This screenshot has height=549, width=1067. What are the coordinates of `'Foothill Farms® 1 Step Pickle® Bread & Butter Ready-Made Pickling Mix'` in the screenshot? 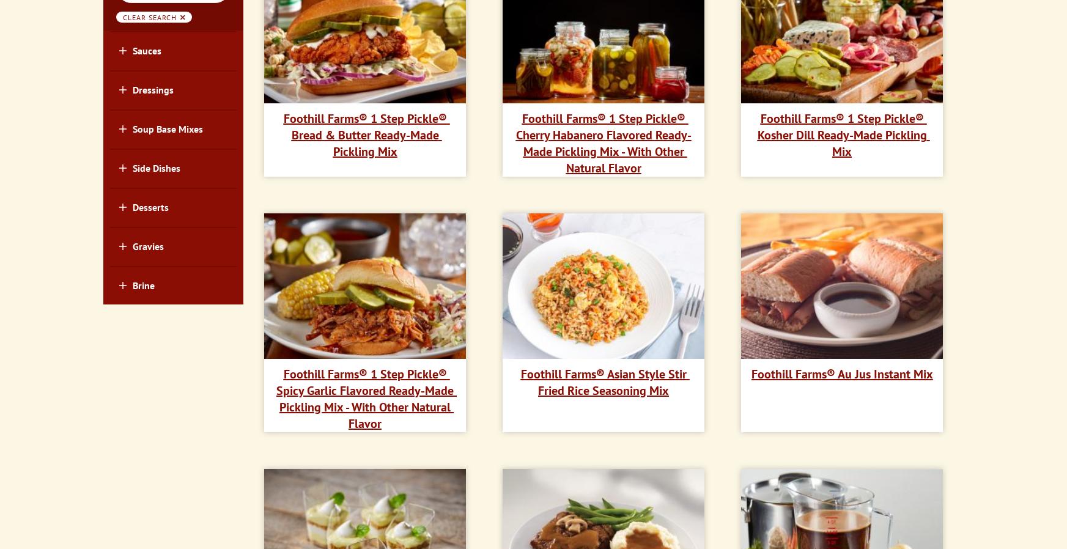 It's located at (366, 134).